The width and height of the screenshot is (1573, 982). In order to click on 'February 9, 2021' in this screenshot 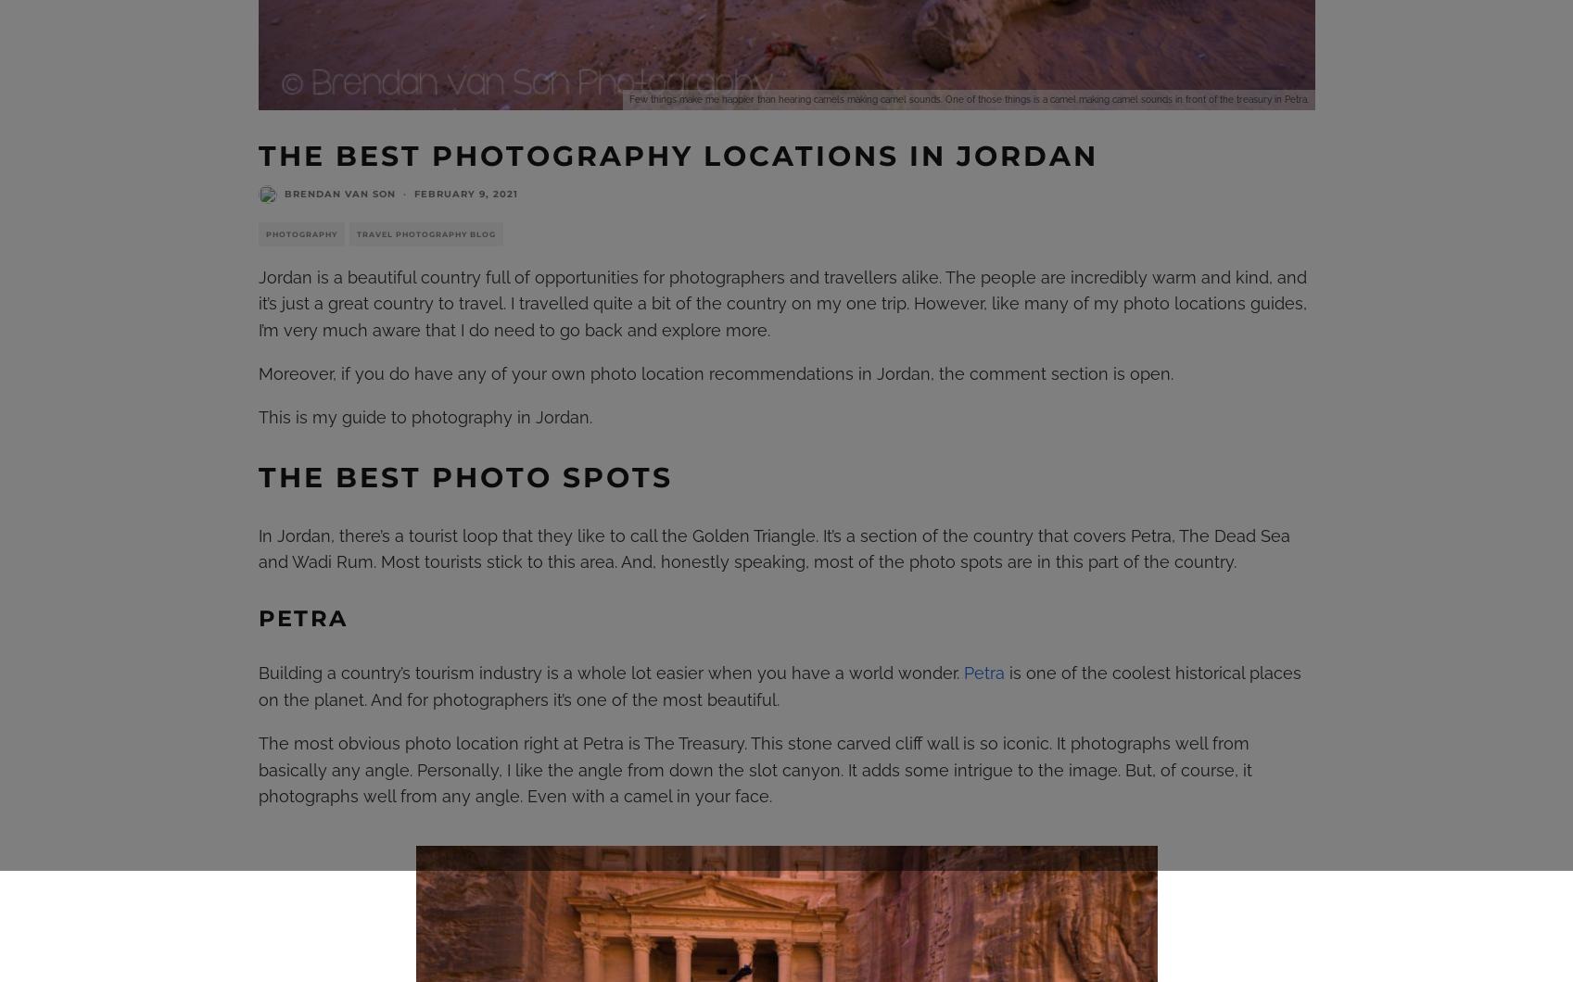, I will do `click(464, 193)`.